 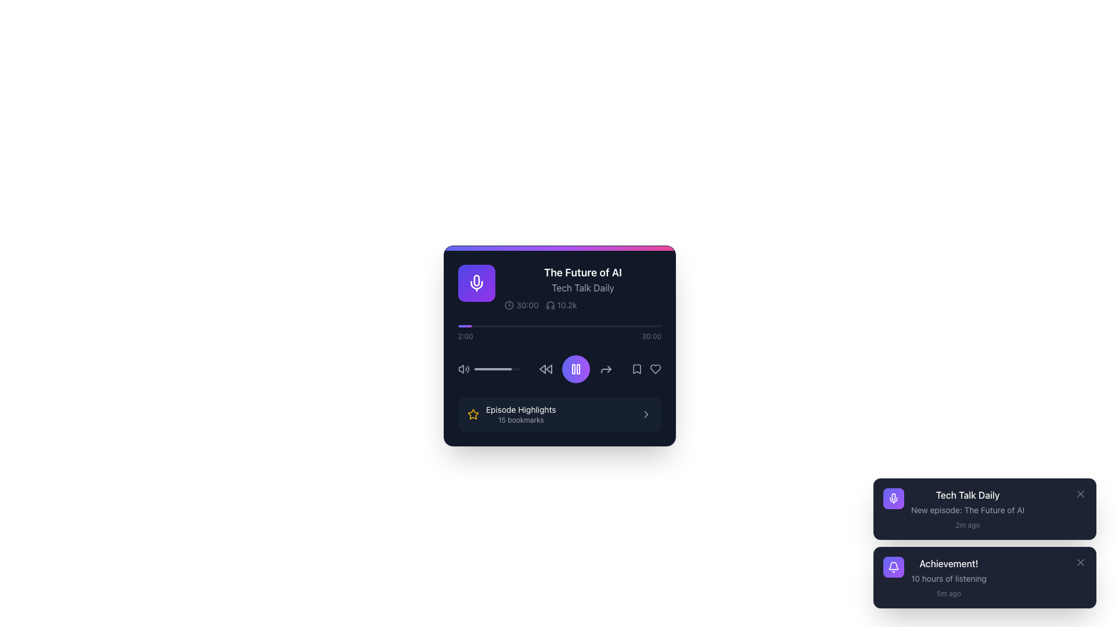 I want to click on the text label displaying the timestamp '2:00', which is light gray on a dark background, located on the left side of a horizontally aligned text group in the audio player interface, so click(x=465, y=336).